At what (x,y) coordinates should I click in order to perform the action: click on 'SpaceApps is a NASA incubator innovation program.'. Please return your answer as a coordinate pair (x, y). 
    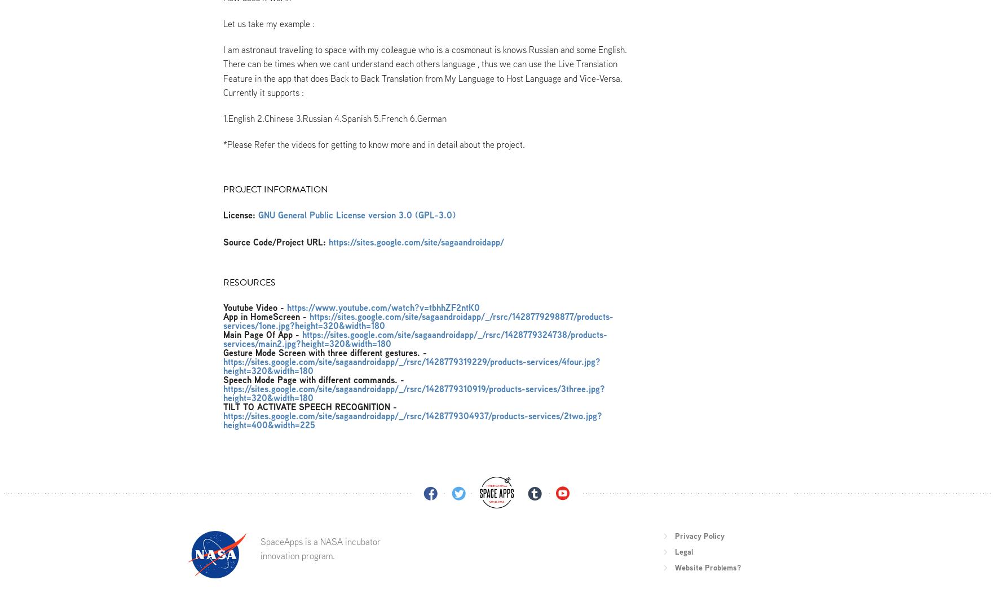
    Looking at the image, I should click on (259, 548).